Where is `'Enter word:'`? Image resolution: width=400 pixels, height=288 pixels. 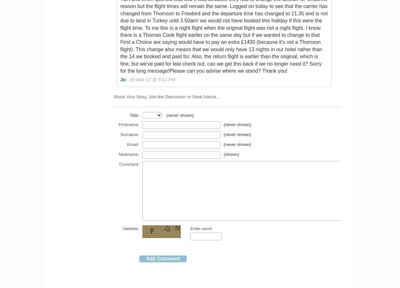
'Enter word:' is located at coordinates (190, 228).